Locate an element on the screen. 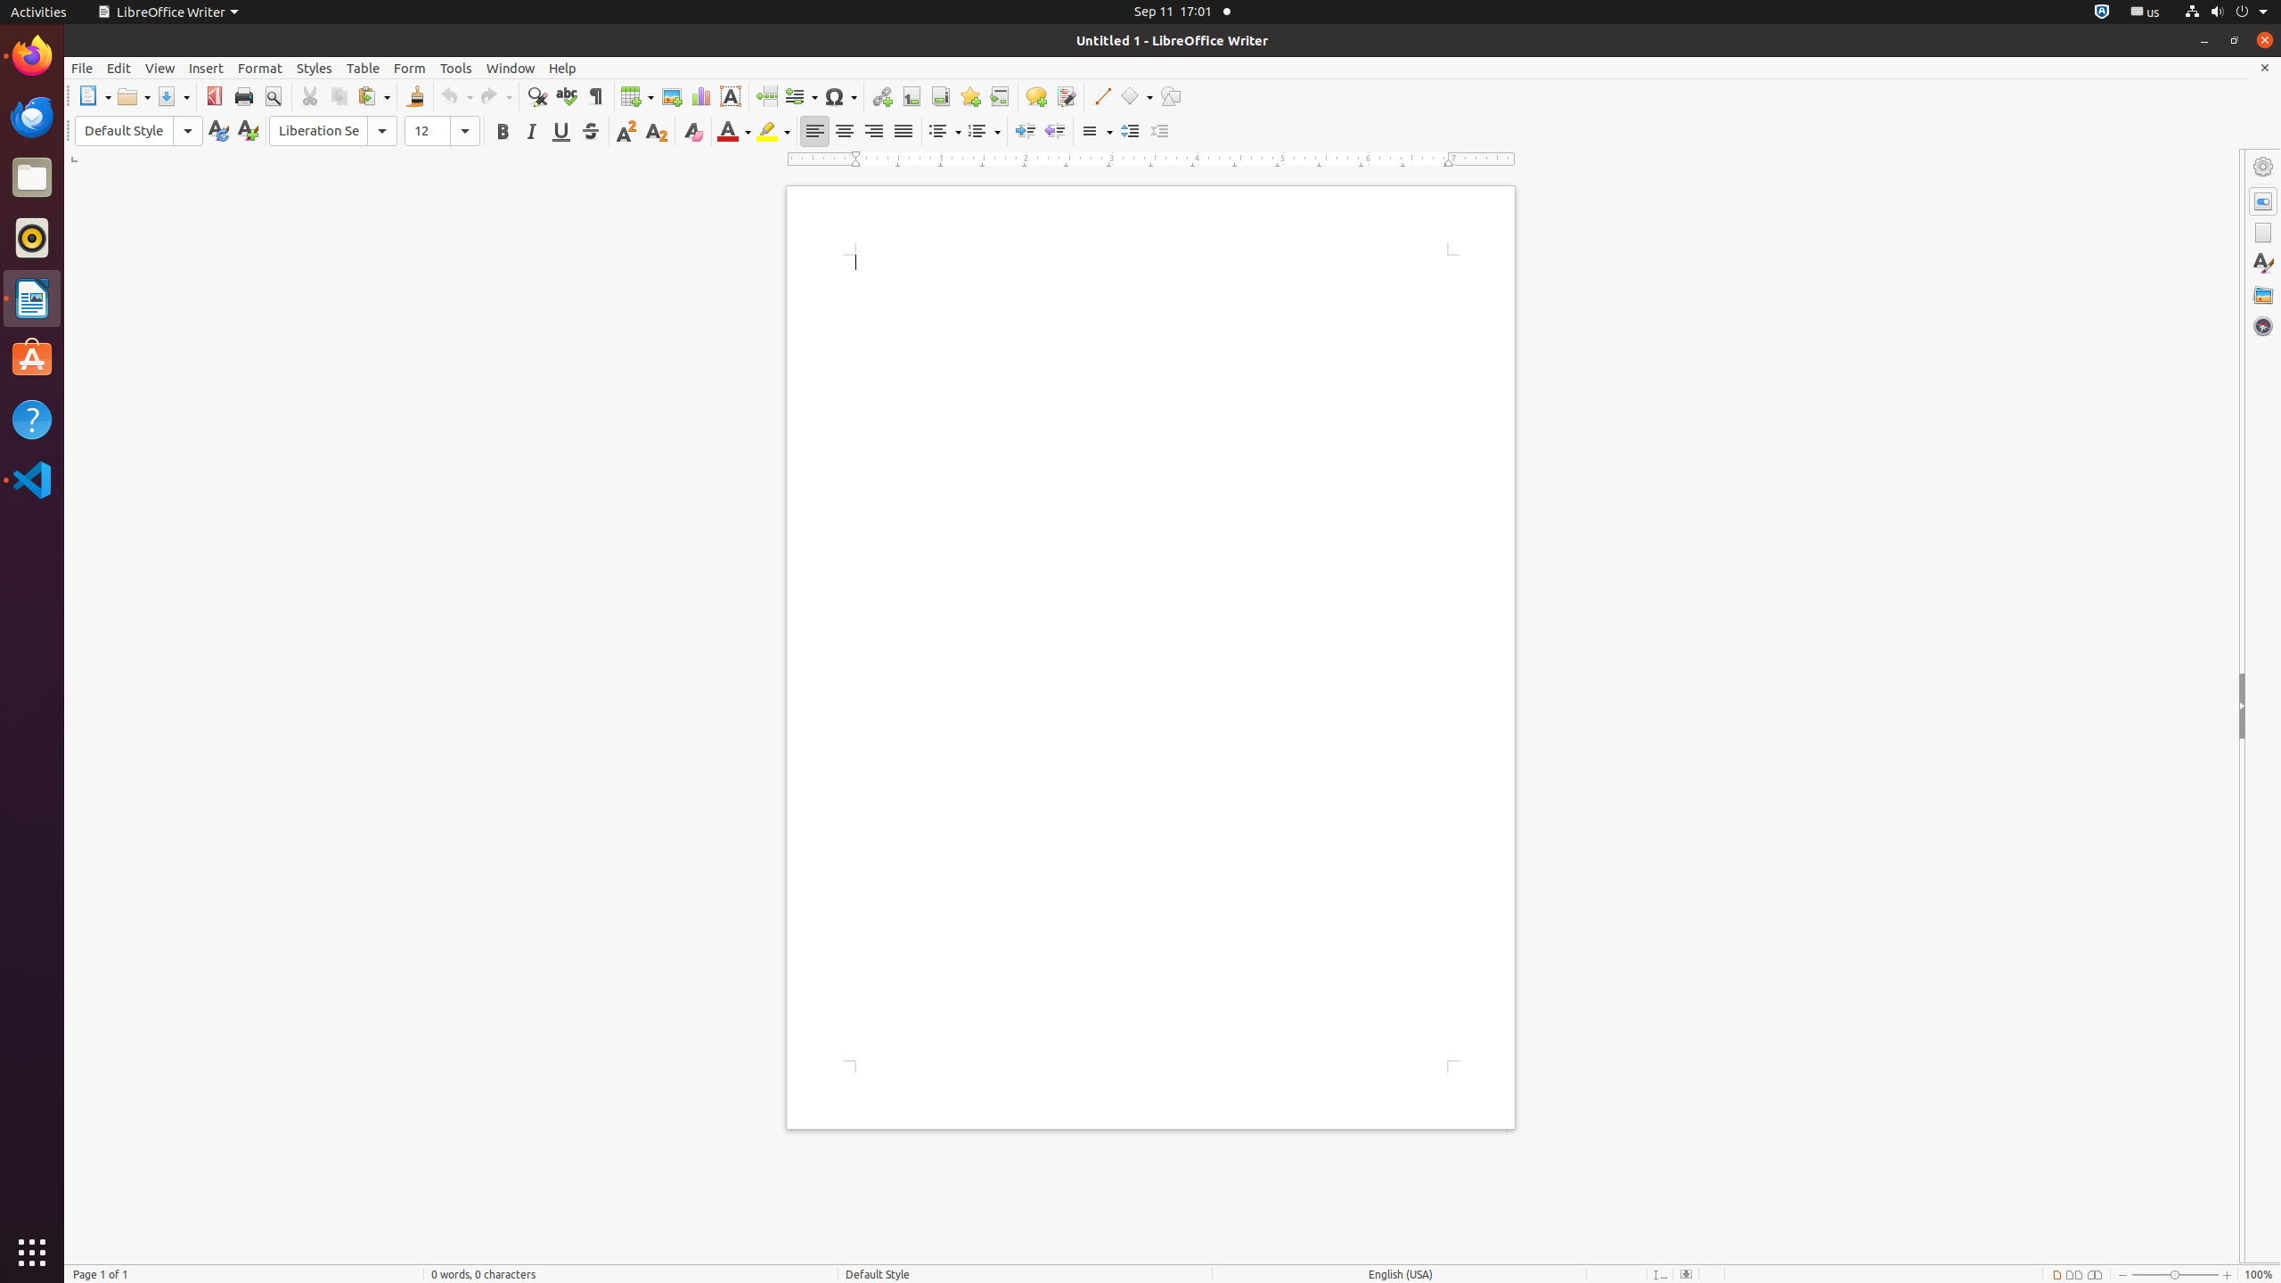 The image size is (2281, 1283). 'Paste' is located at coordinates (373, 95).